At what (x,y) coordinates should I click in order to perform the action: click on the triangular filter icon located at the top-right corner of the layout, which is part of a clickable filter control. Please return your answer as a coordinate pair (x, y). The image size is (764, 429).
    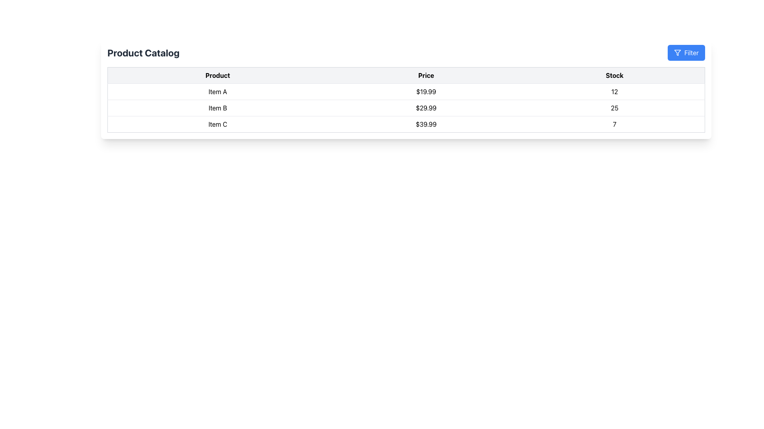
    Looking at the image, I should click on (677, 52).